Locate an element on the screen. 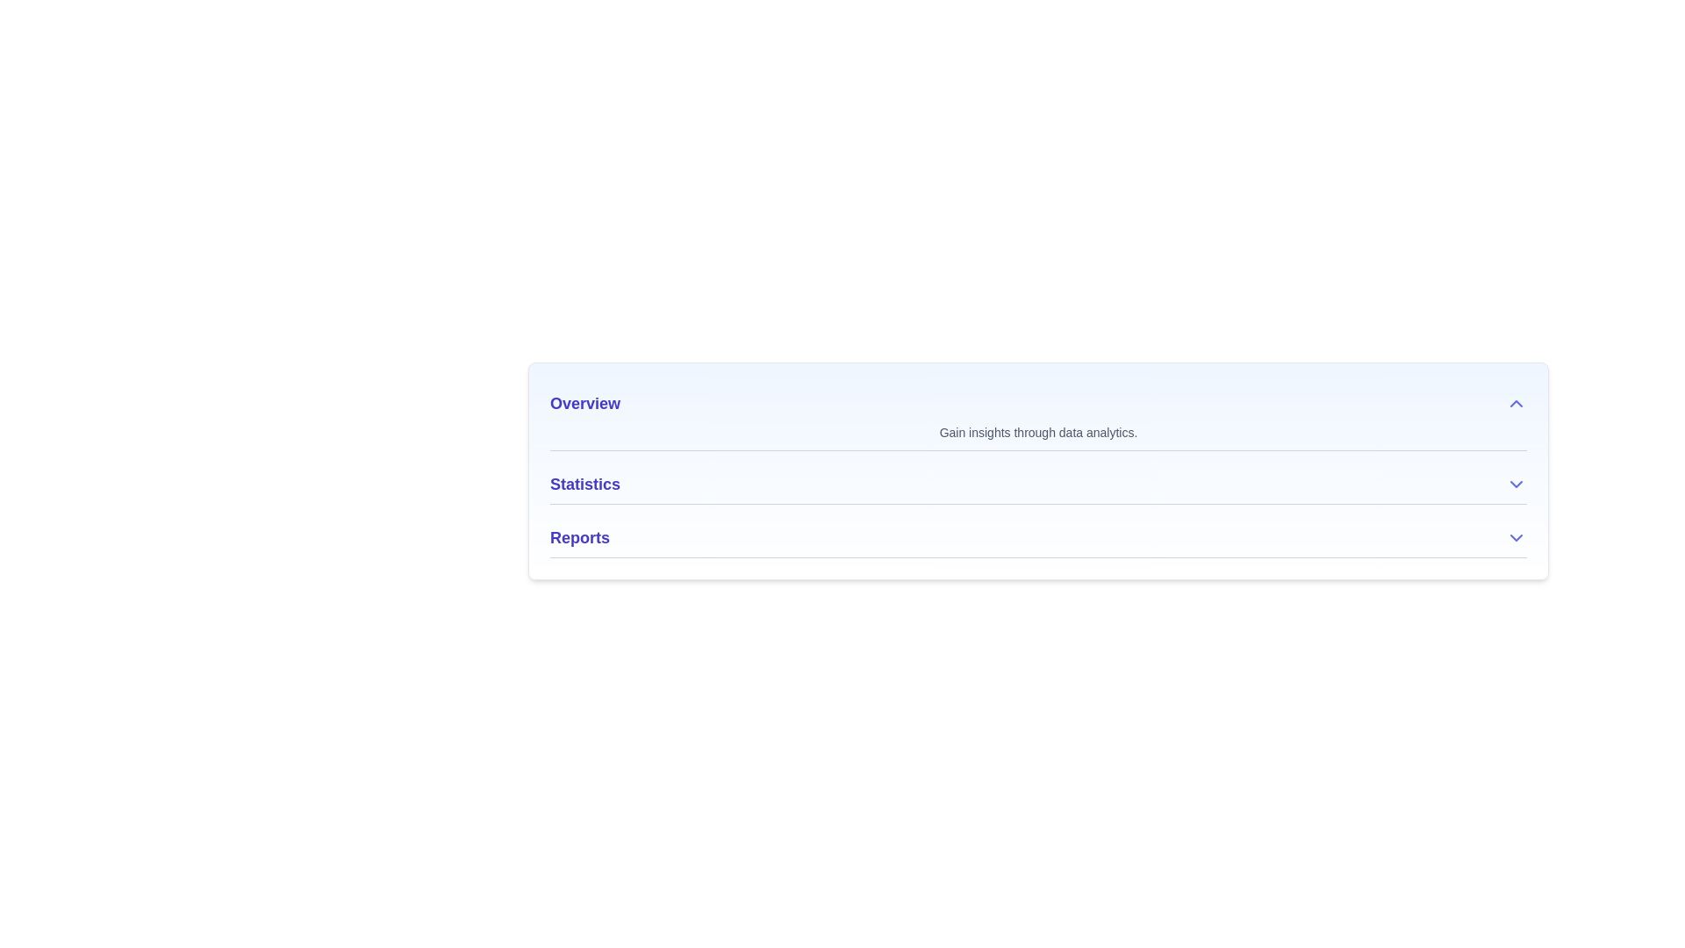 This screenshot has width=1685, height=948. the text label that guides the user to the section associated with statistical data, positioned below 'Overview' and above 'Reports' is located at coordinates (585, 484).